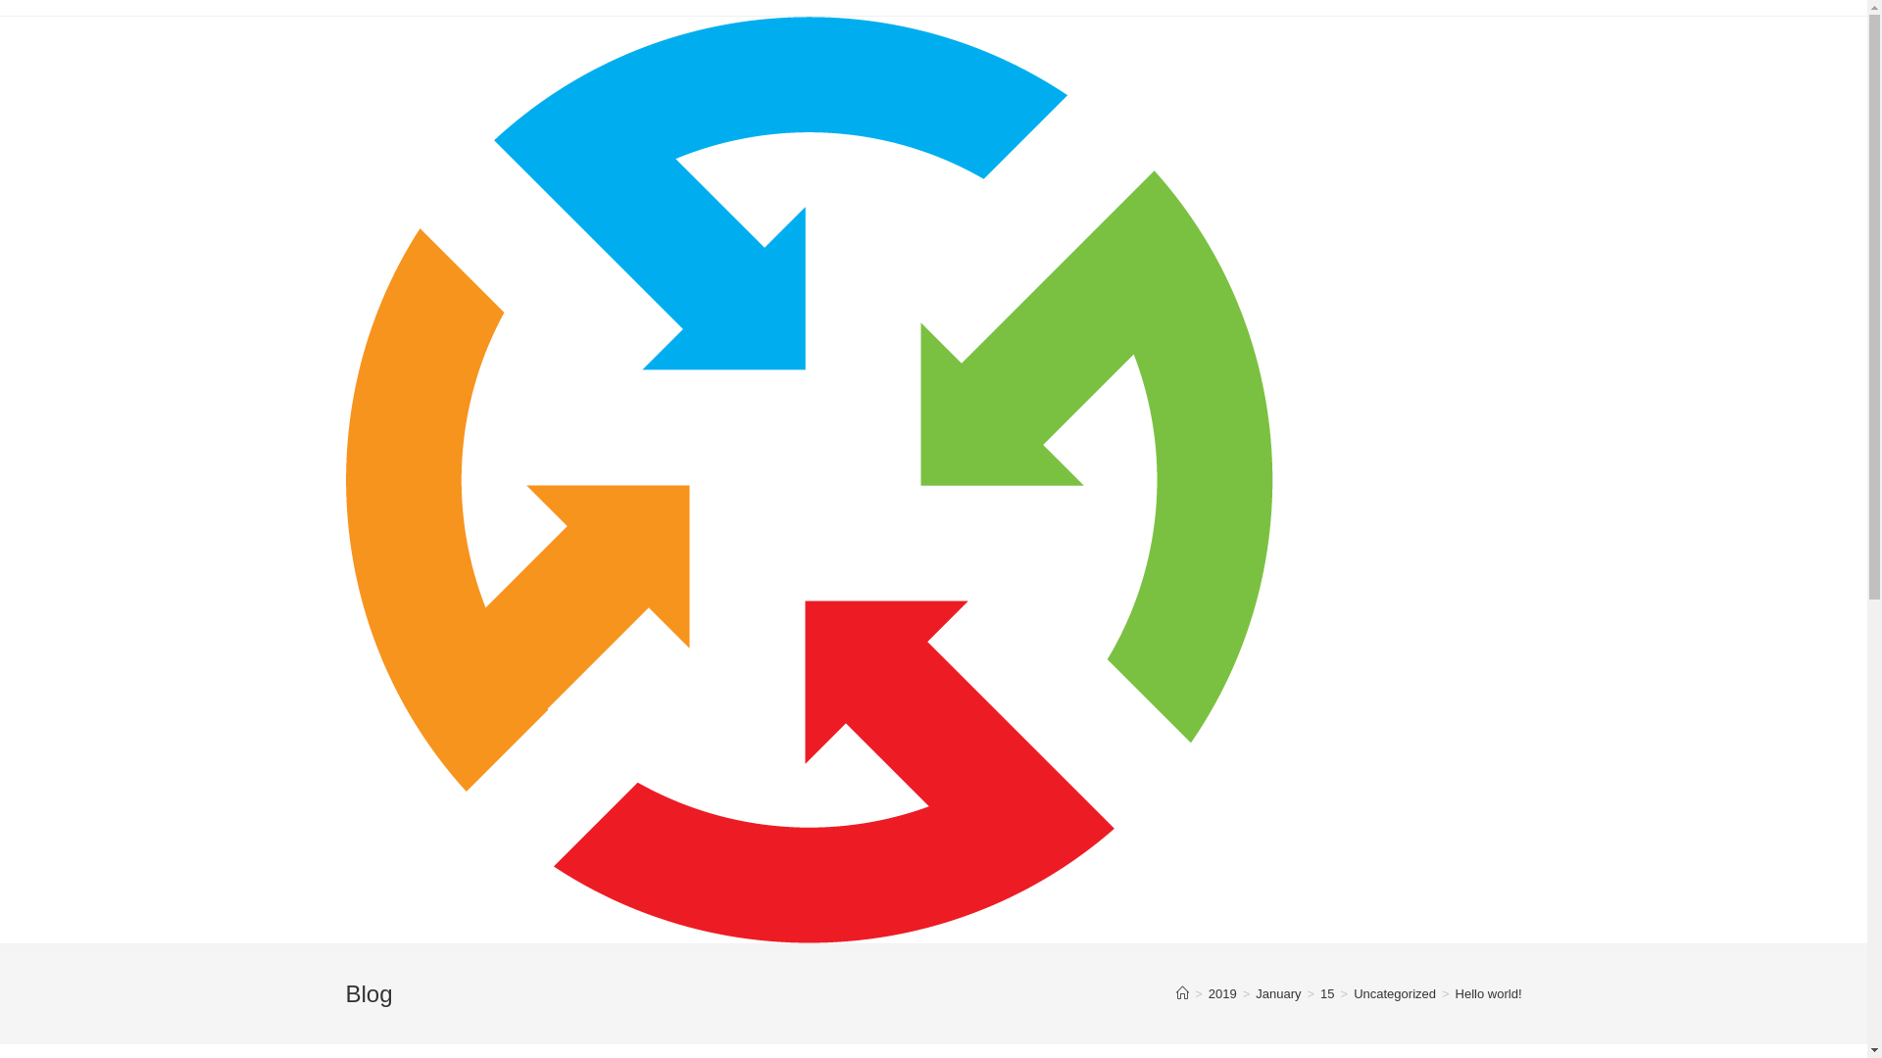  I want to click on 'Hello world!', so click(1455, 993).